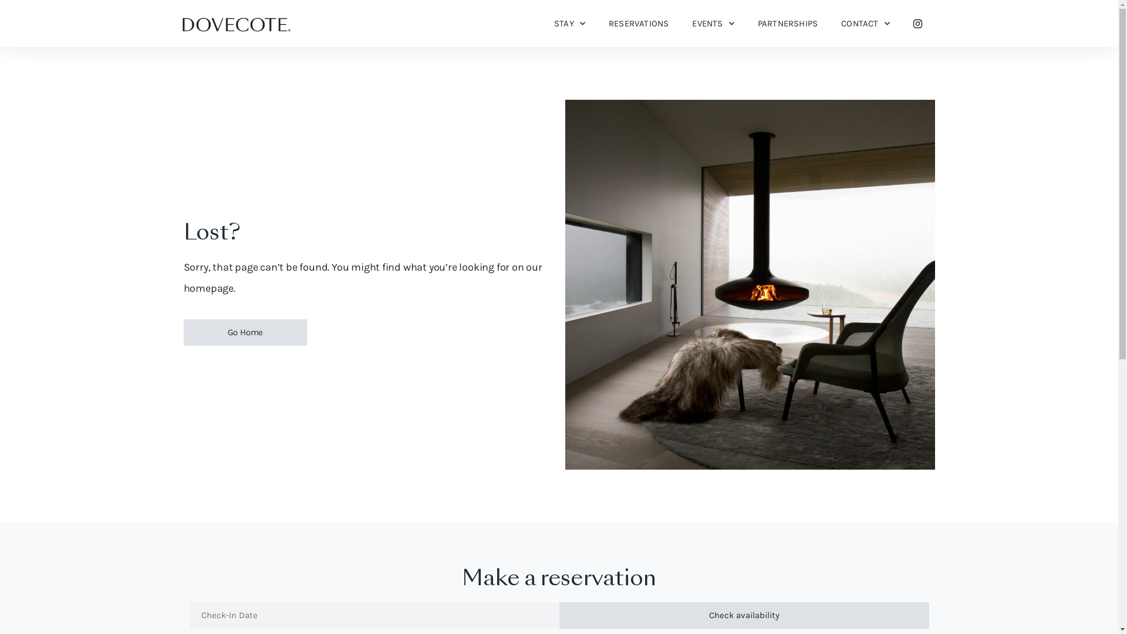 The image size is (1127, 634). What do you see at coordinates (920, 23) in the screenshot?
I see `' '` at bounding box center [920, 23].